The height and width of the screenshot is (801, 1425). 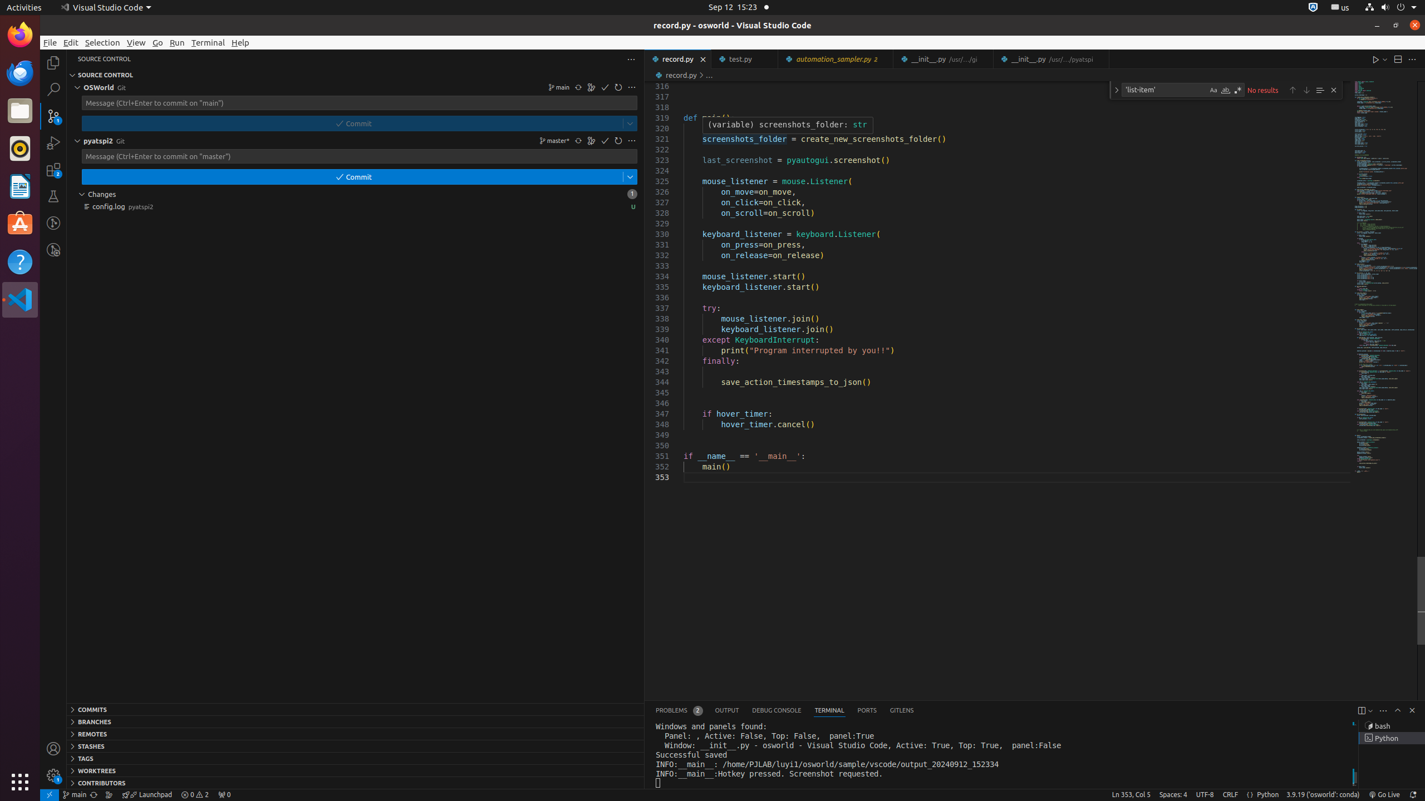 What do you see at coordinates (1230, 794) in the screenshot?
I see `'CRLF'` at bounding box center [1230, 794].